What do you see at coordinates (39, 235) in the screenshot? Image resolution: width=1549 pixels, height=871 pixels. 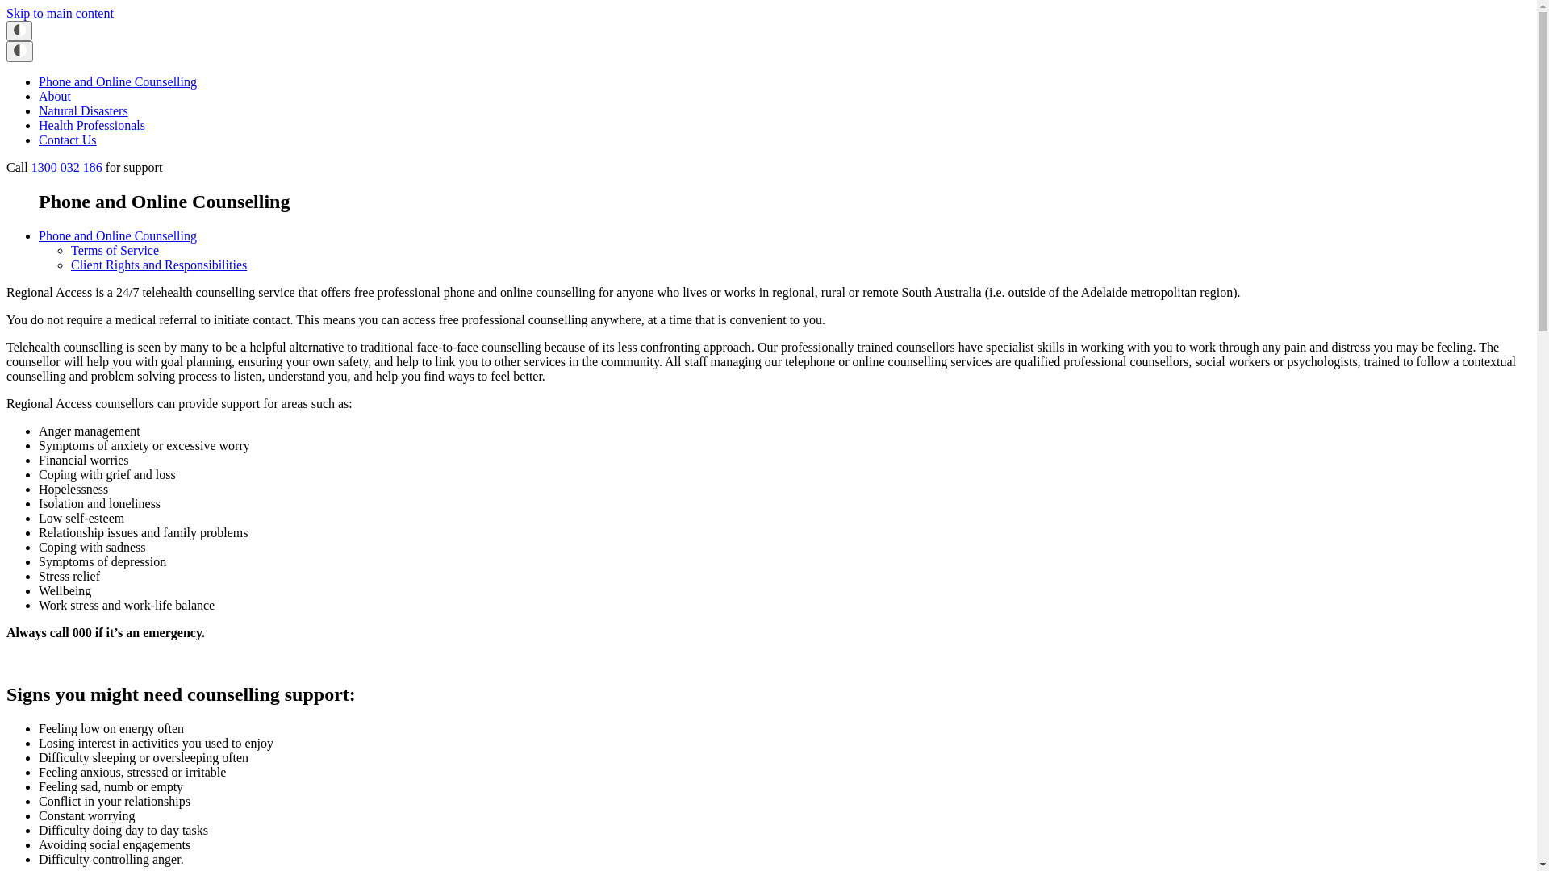 I see `'Phone and Online Counselling'` at bounding box center [39, 235].